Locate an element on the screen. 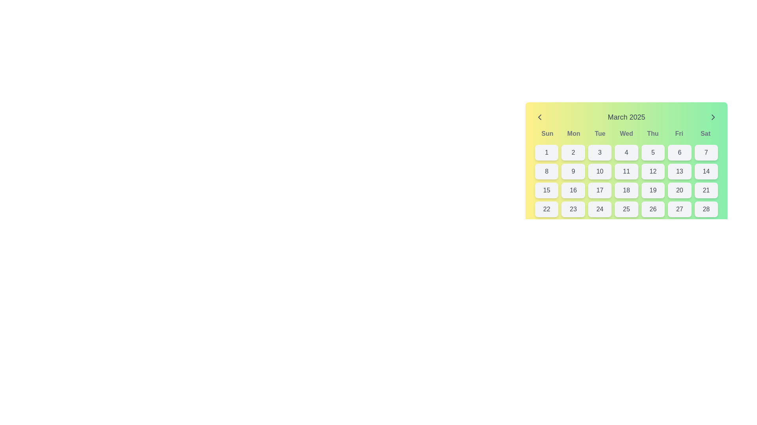 The height and width of the screenshot is (425, 757). the button representing the 19th day of March 2025 in the calendar widget is located at coordinates (653, 190).